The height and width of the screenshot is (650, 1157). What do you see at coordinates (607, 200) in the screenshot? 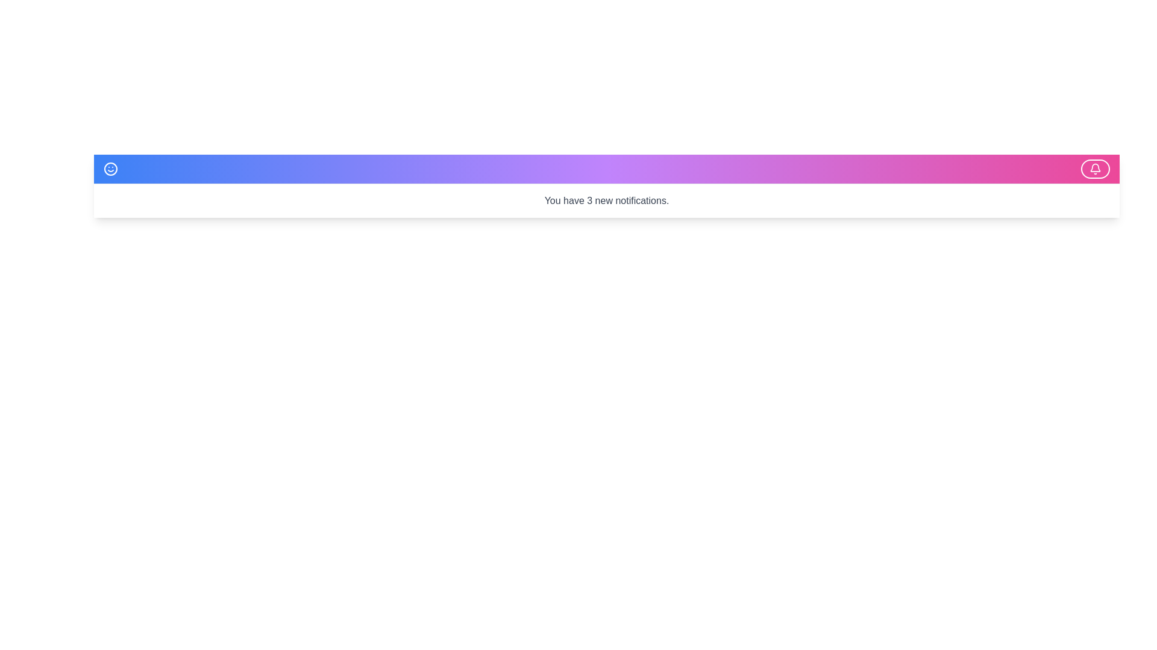
I see `the Text Display element that shows the message 'You have 3 new notifications', which is centered horizontally and slightly below the gradient header bar` at bounding box center [607, 200].